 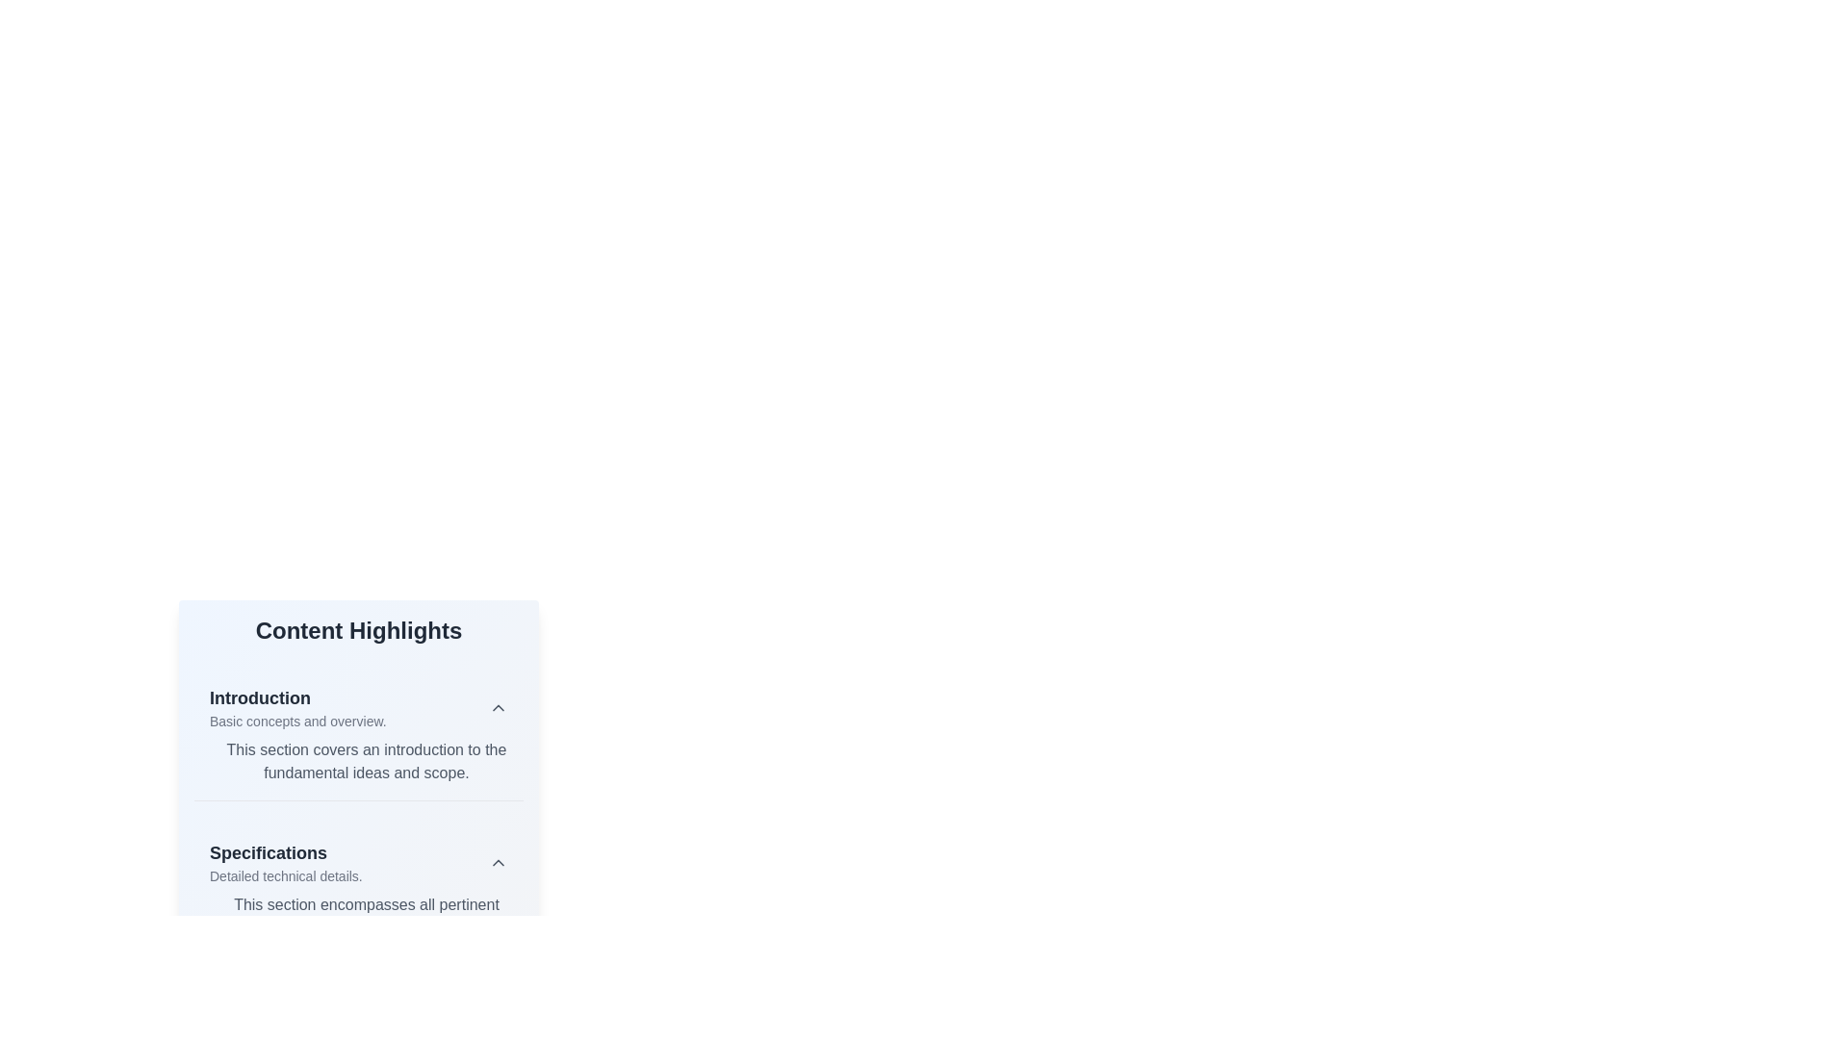 What do you see at coordinates (359, 760) in the screenshot?
I see `the Text Block that provides additional context for the 'Introduction' header in the 'Content Highlights' area, positioned below other elements` at bounding box center [359, 760].